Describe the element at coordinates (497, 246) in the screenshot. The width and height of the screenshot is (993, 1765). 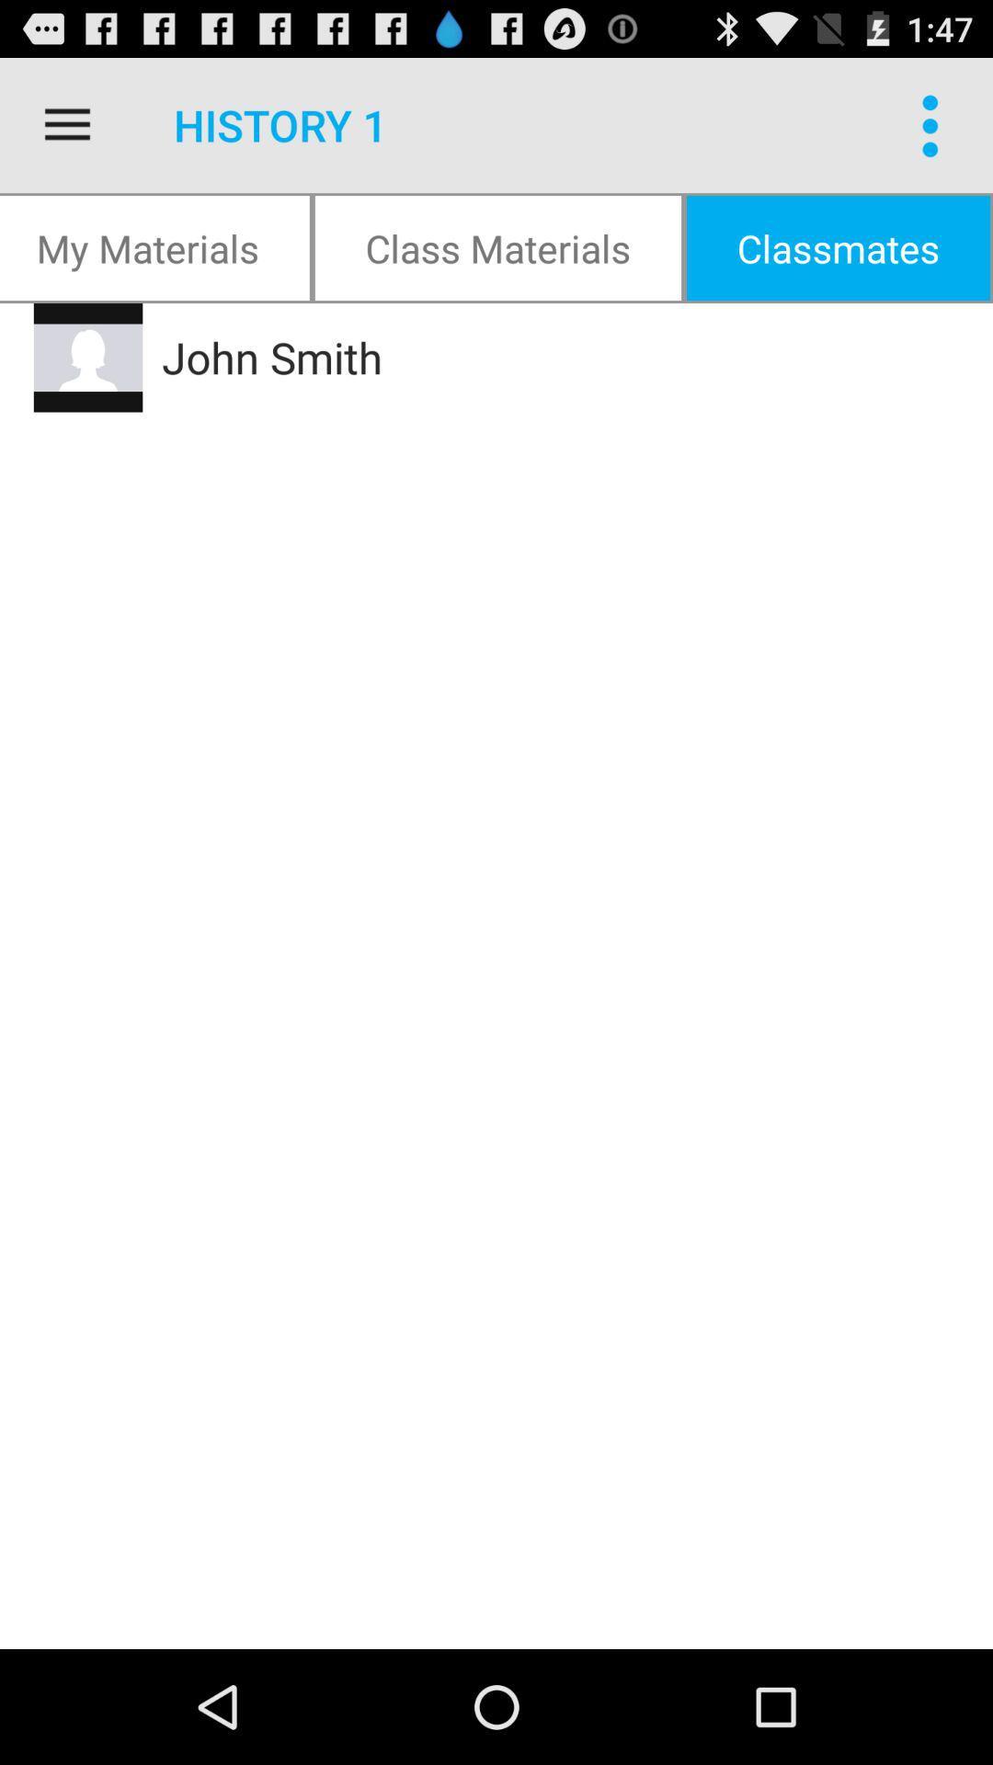
I see `the icon to the right of my materials item` at that location.